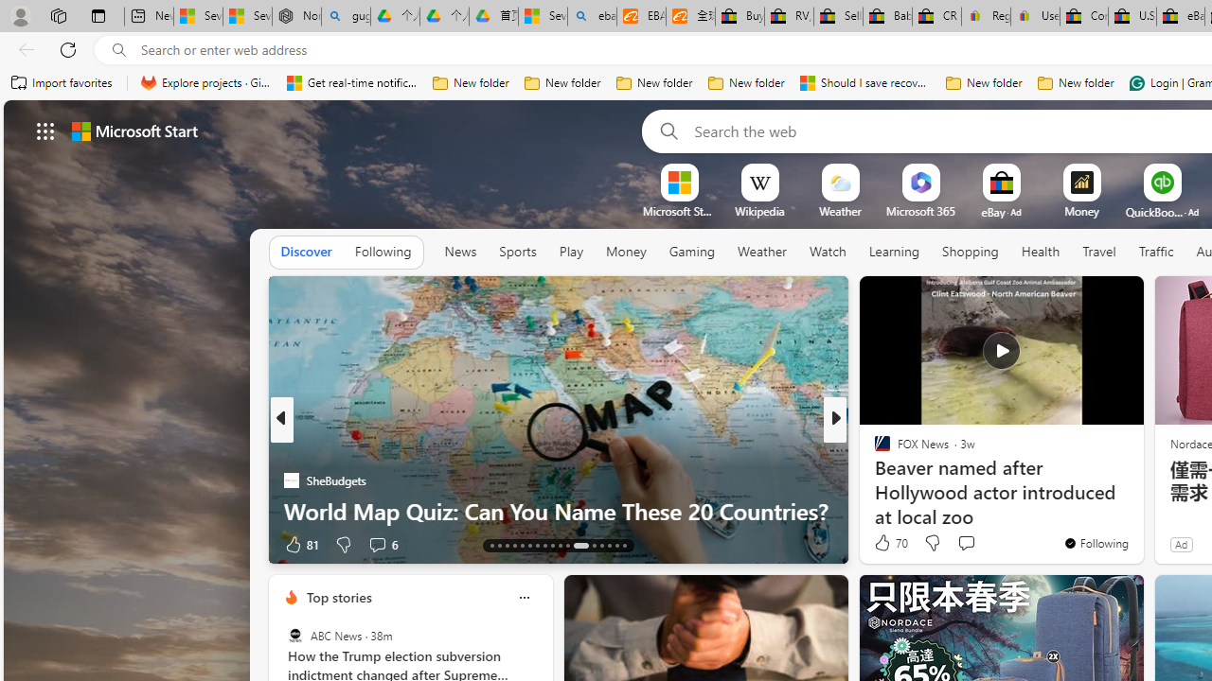  I want to click on 'Start the conversation', so click(966, 543).